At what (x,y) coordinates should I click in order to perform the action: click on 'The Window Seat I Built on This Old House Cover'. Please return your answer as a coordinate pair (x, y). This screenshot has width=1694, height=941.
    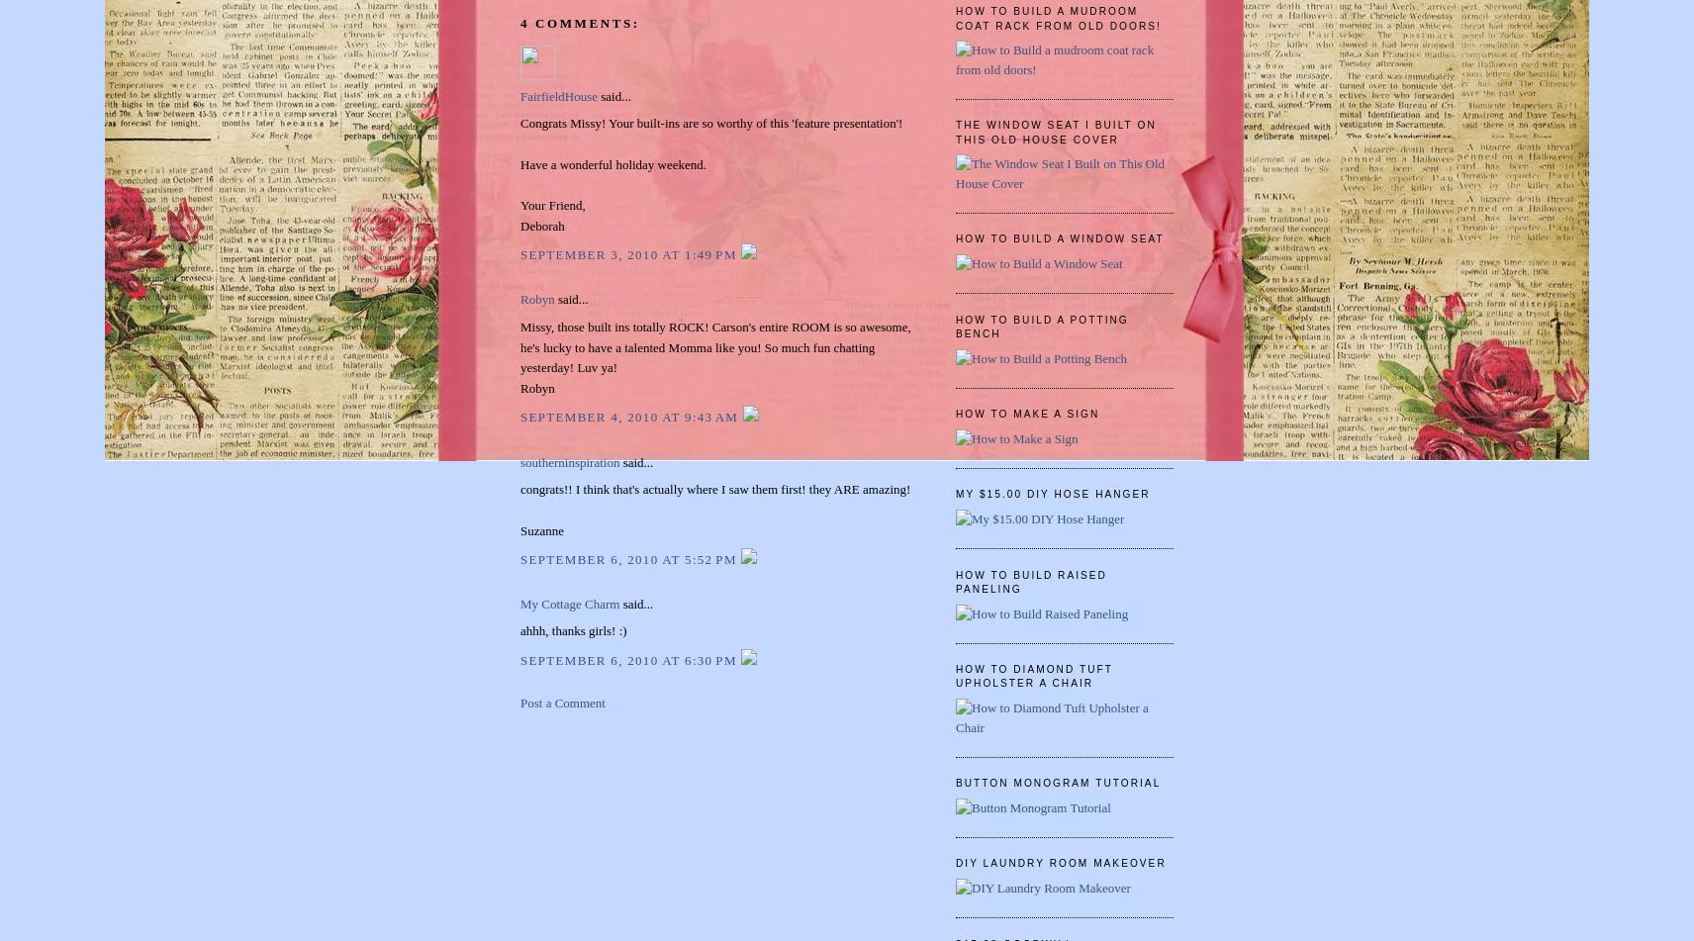
    Looking at the image, I should click on (1054, 132).